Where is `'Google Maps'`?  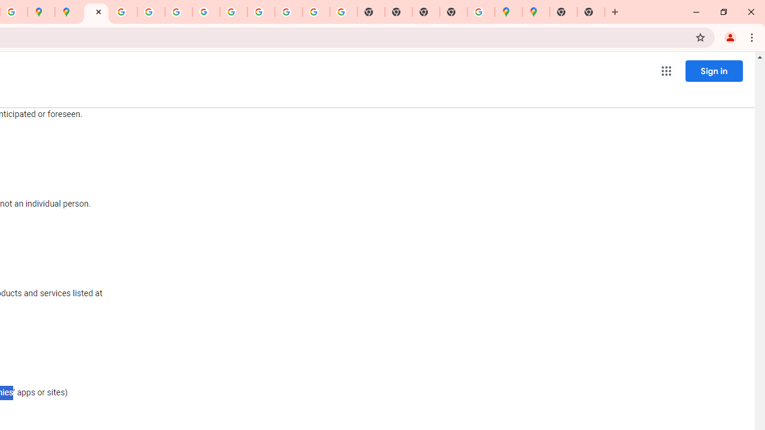 'Google Maps' is located at coordinates (535, 12).